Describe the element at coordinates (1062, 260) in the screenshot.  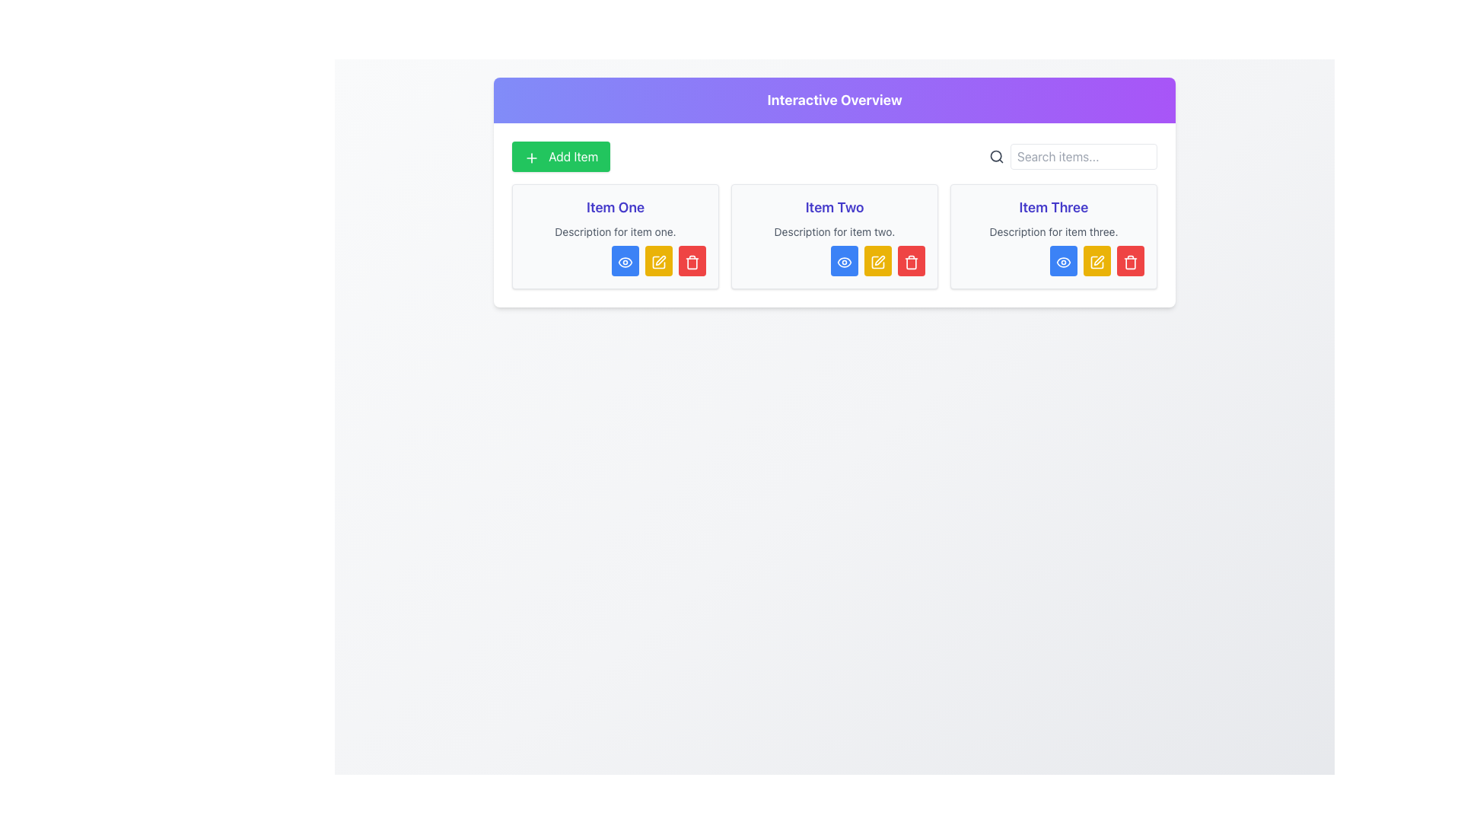
I see `the blue circular button with a white eye icon located in the 'Item Three' interactive card` at that location.